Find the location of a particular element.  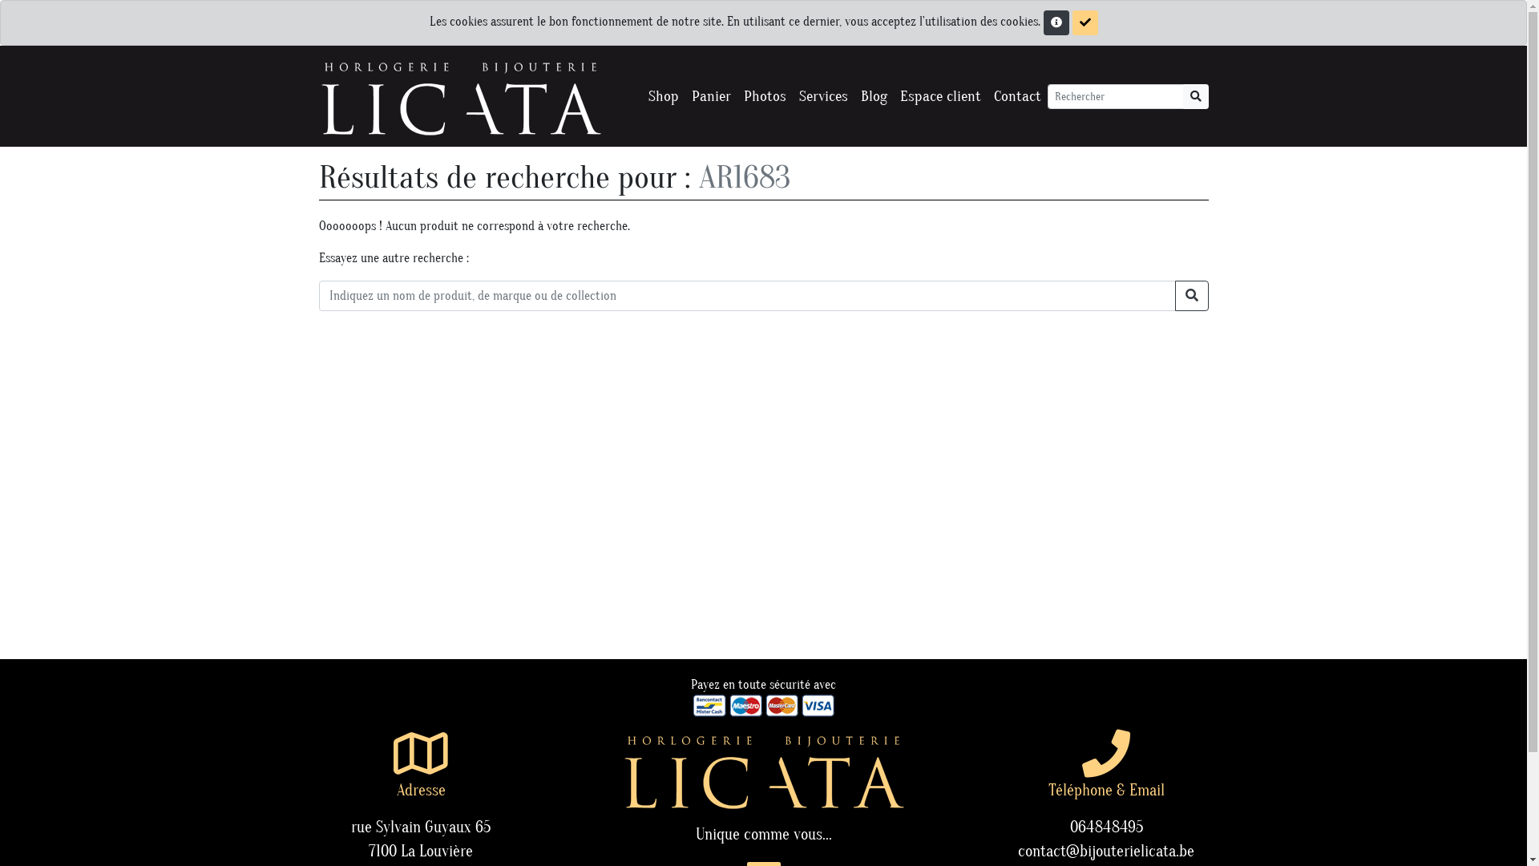

'Photos' is located at coordinates (764, 96).